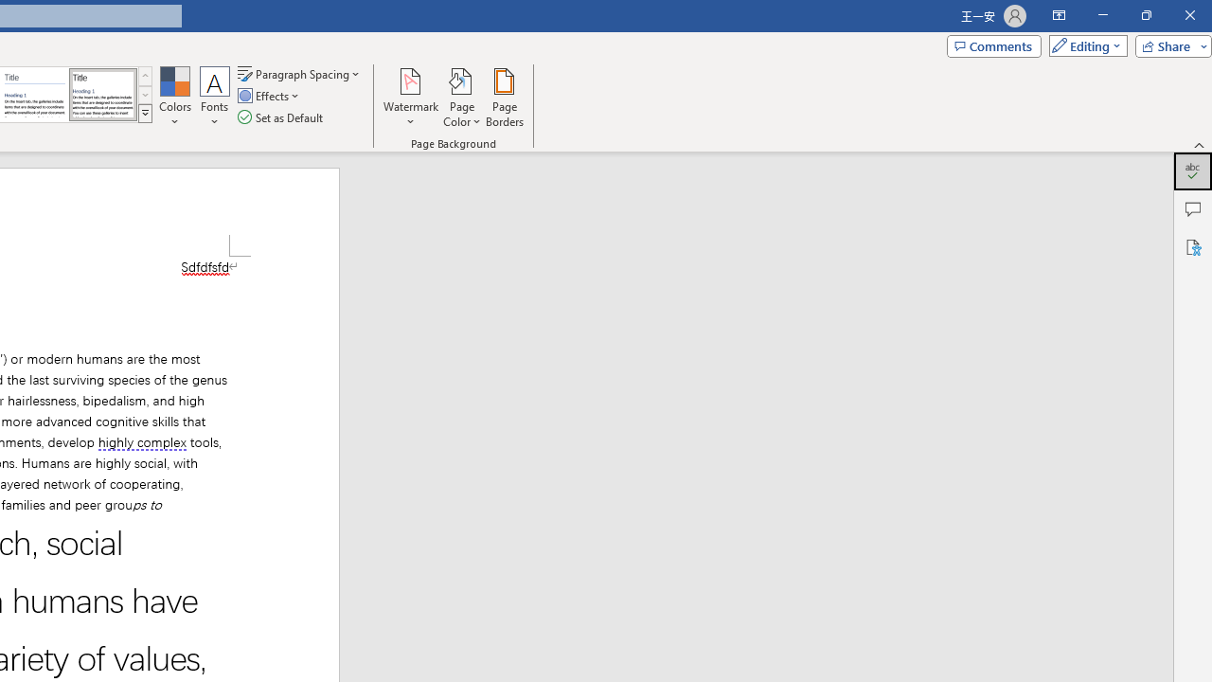  What do you see at coordinates (35, 95) in the screenshot?
I see `'Word 2010'` at bounding box center [35, 95].